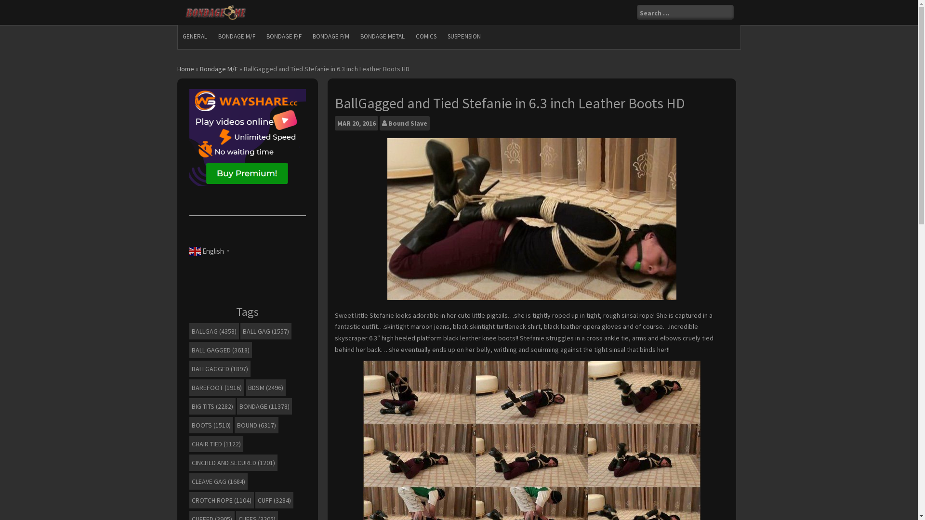 The width and height of the screenshot is (925, 520). Describe the element at coordinates (14, 6) in the screenshot. I see `'Search'` at that location.